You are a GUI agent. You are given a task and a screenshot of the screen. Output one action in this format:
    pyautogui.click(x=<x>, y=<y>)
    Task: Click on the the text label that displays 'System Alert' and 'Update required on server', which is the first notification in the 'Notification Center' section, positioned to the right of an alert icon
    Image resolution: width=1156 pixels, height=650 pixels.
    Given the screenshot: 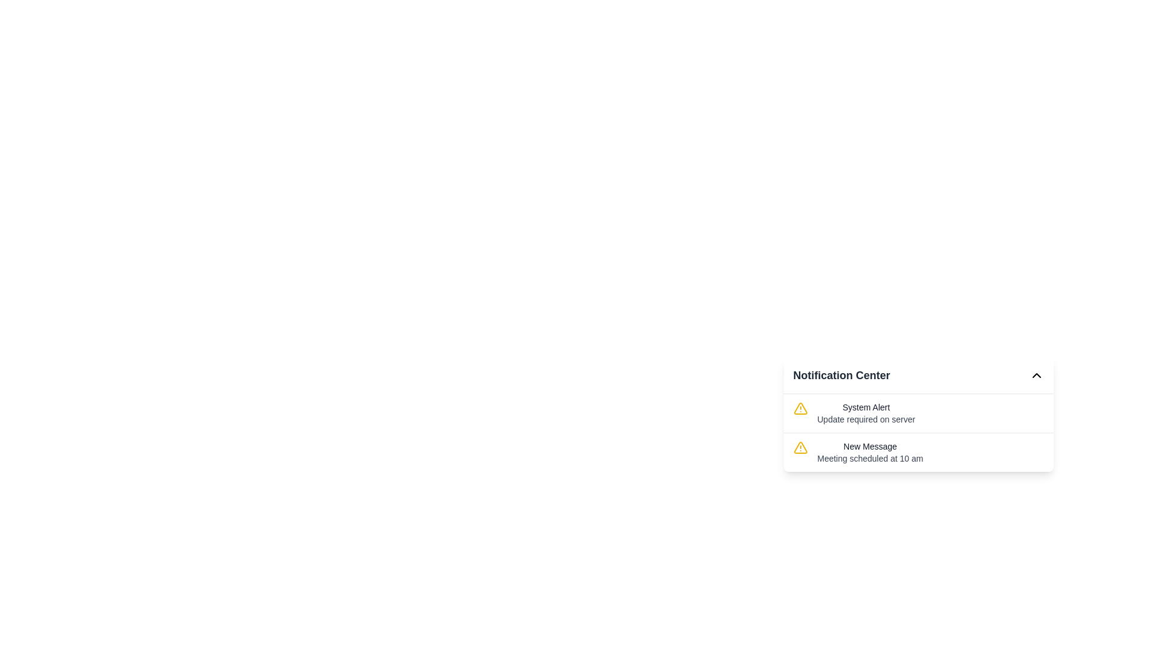 What is the action you would take?
    pyautogui.click(x=865, y=412)
    